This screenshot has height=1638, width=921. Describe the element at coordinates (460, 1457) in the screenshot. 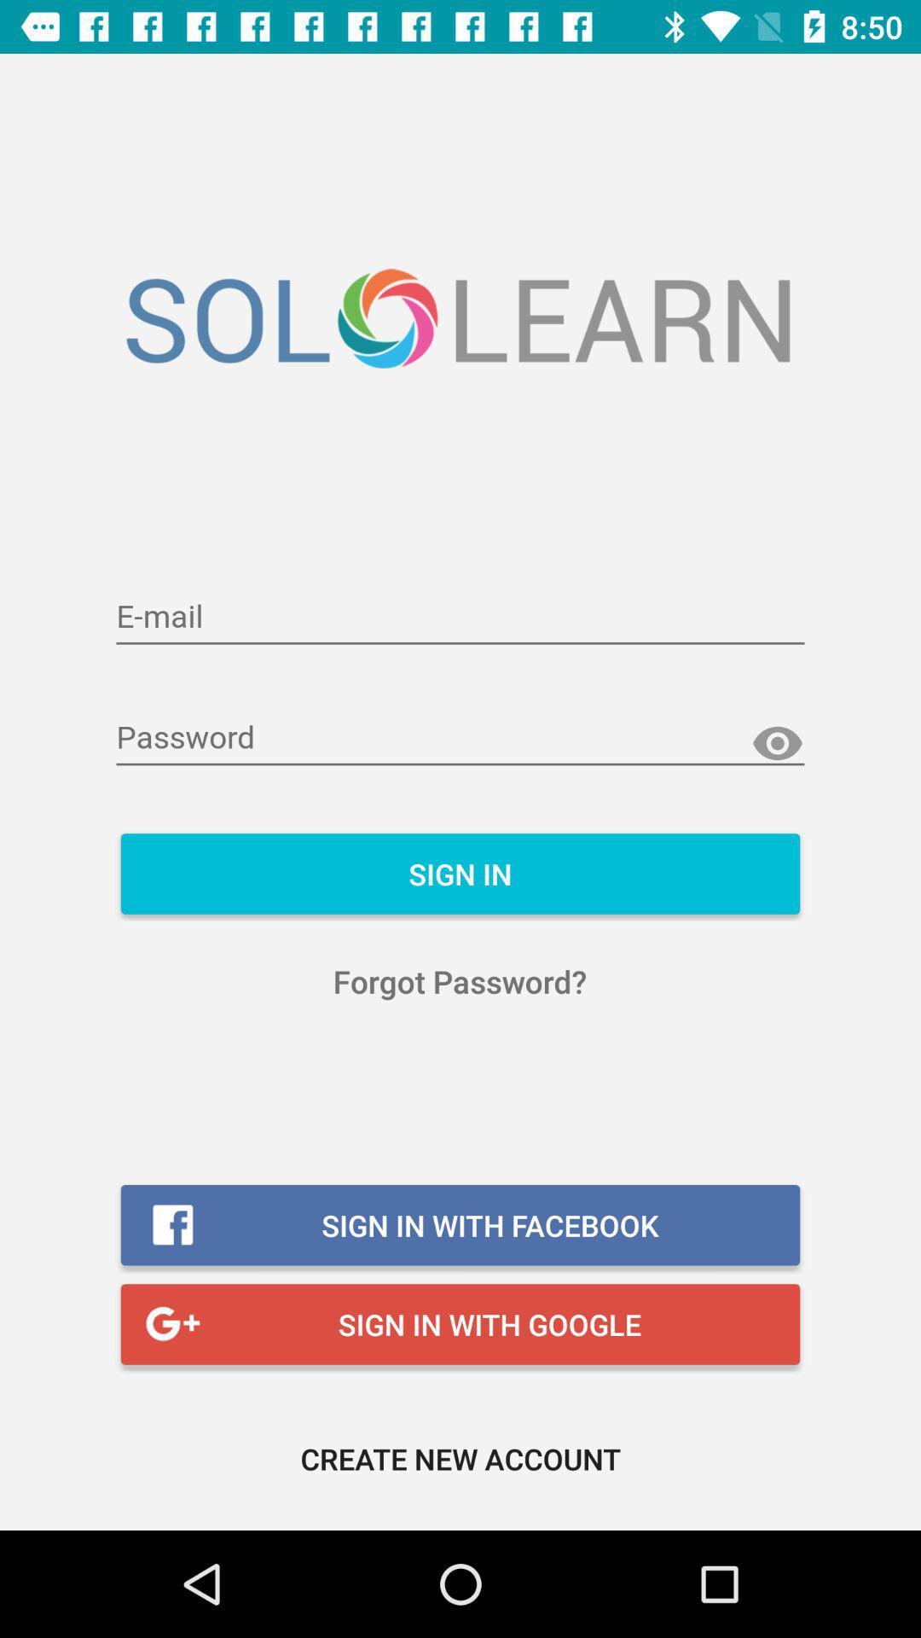

I see `the create new account item` at that location.